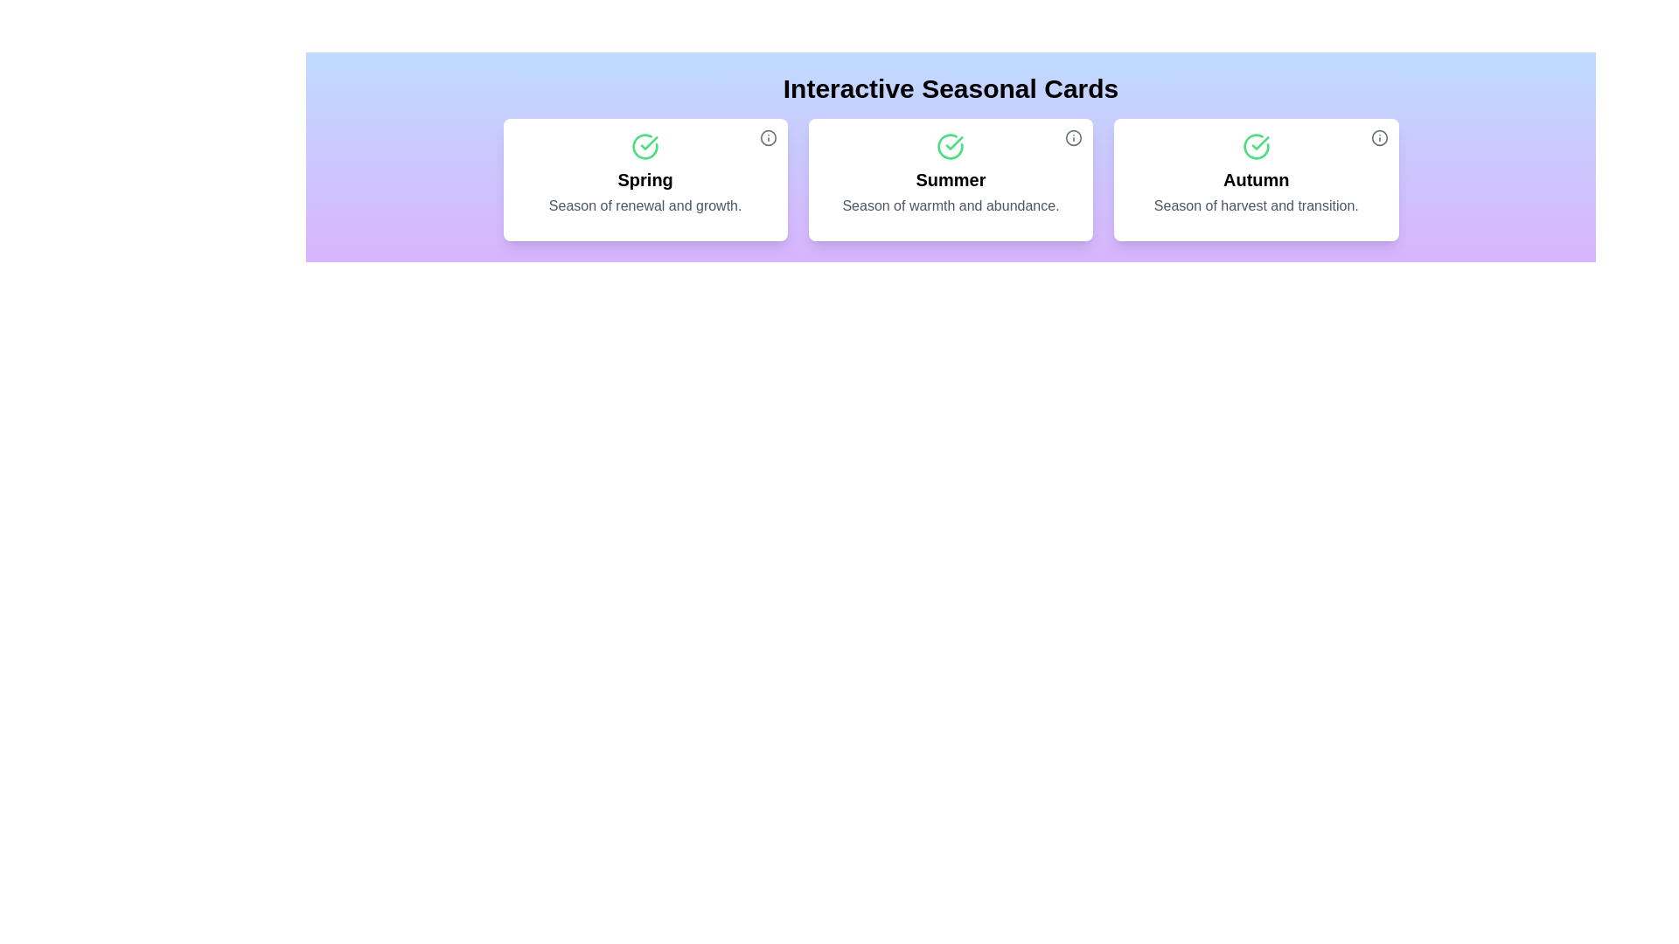  What do you see at coordinates (1255, 179) in the screenshot?
I see `the 'Autumn' Information card` at bounding box center [1255, 179].